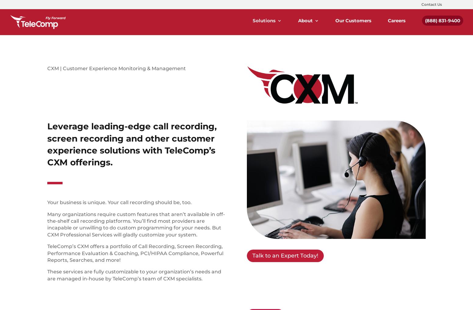  I want to click on 'Leverage leading-edge call recording, screen recording and other customer experience solutions with TeleComp’s CXM offerings.', so click(132, 144).